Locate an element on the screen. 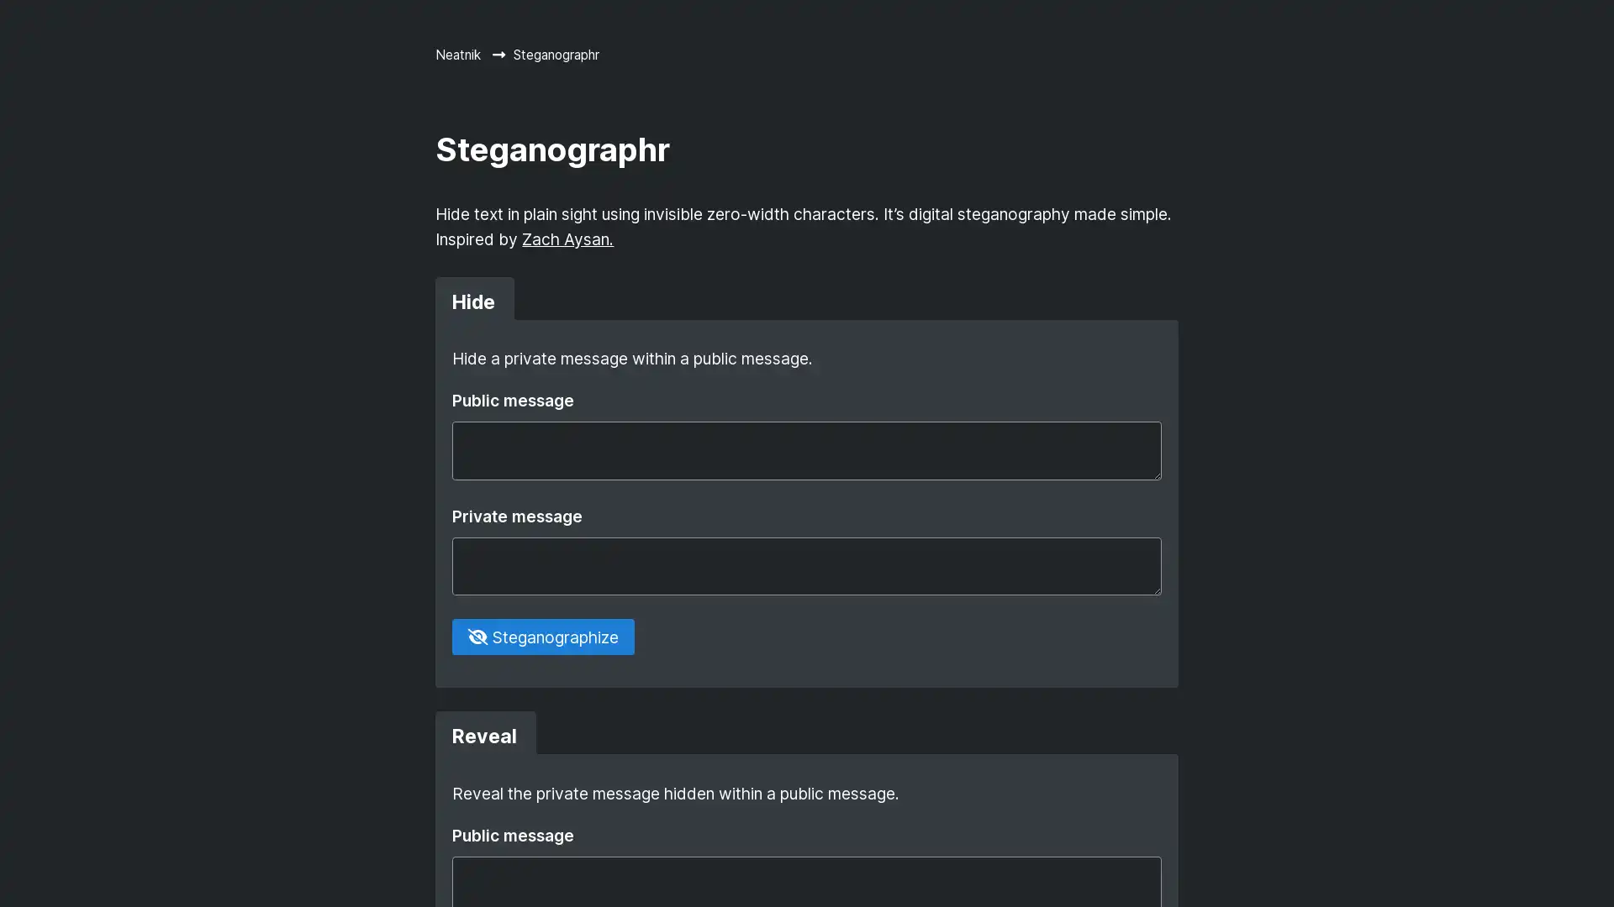 This screenshot has width=1614, height=907. Steganographize is located at coordinates (542, 637).